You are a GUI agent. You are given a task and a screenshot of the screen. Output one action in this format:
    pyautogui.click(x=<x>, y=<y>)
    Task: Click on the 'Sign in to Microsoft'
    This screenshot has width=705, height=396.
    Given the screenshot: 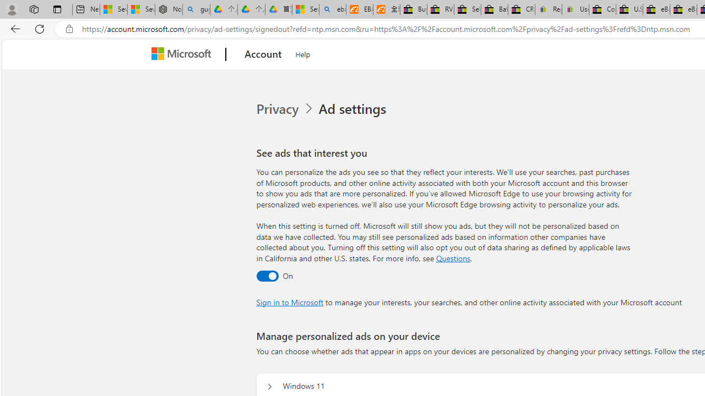 What is the action you would take?
    pyautogui.click(x=290, y=302)
    